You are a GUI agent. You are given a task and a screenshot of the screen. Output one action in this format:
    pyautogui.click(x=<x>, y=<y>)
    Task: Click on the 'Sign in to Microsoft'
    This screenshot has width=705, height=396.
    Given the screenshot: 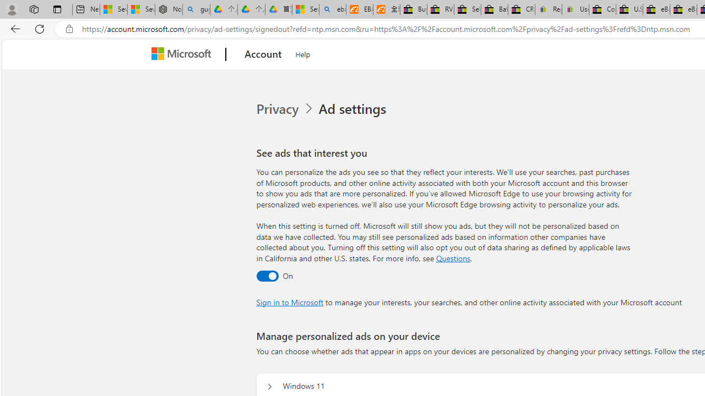 What is the action you would take?
    pyautogui.click(x=290, y=302)
    